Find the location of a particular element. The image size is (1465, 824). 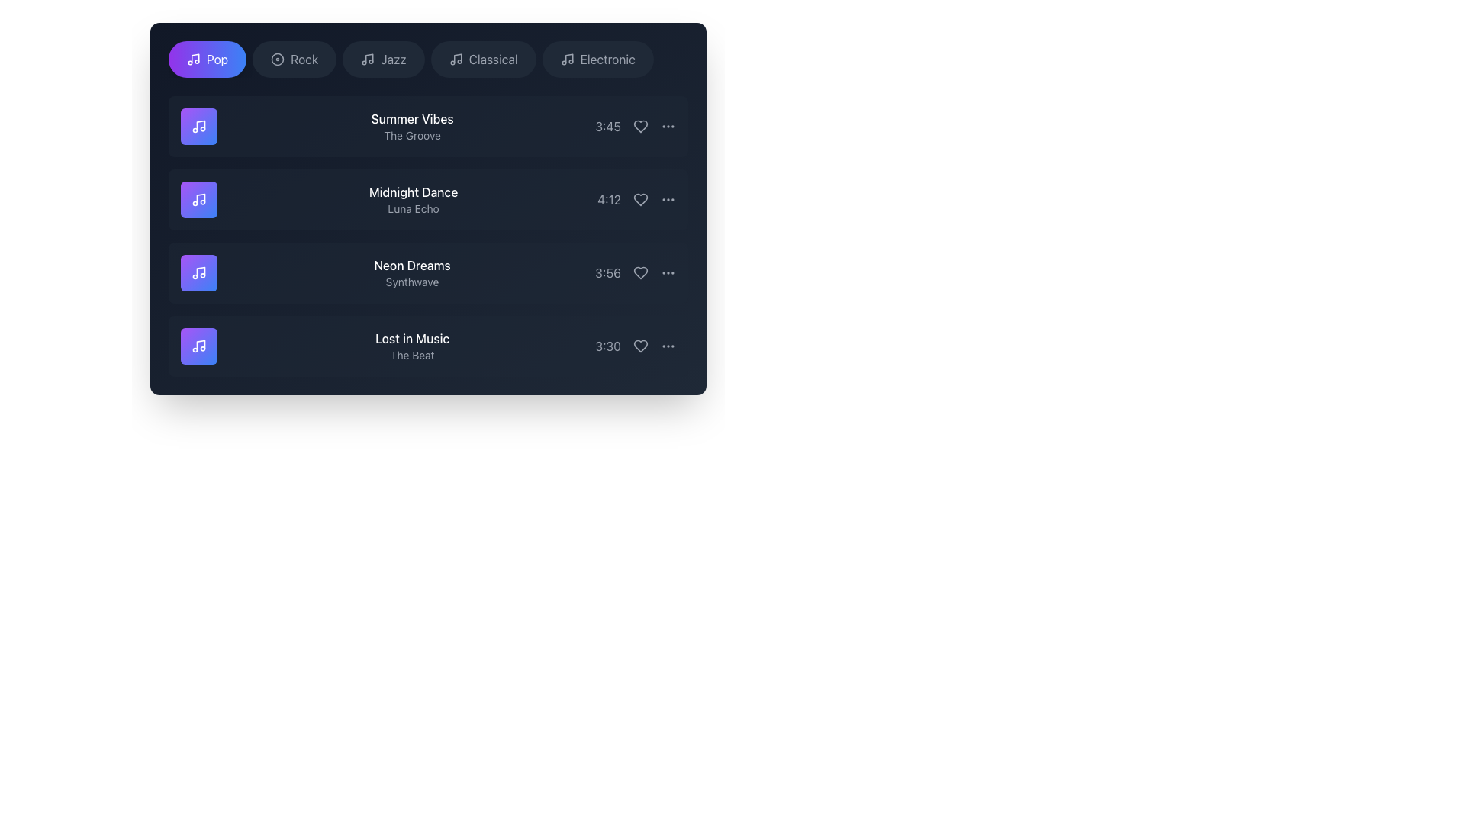

the text label displaying 'Lost in Music' with the smaller text 'The Beat' beneath it, located in the fourth item of the playlist UI is located at coordinates (412, 346).